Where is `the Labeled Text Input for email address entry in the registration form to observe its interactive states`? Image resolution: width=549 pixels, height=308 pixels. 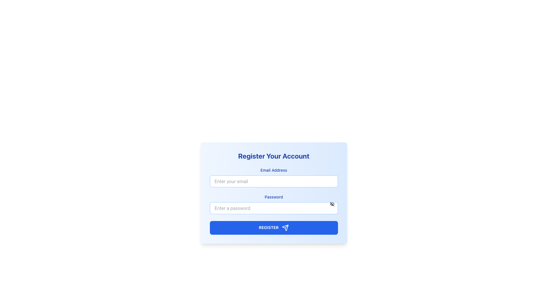
the Labeled Text Input for email address entry in the registration form to observe its interactive states is located at coordinates (273, 177).